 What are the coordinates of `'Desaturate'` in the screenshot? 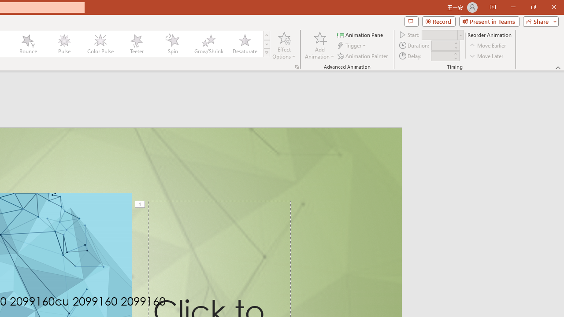 It's located at (245, 44).